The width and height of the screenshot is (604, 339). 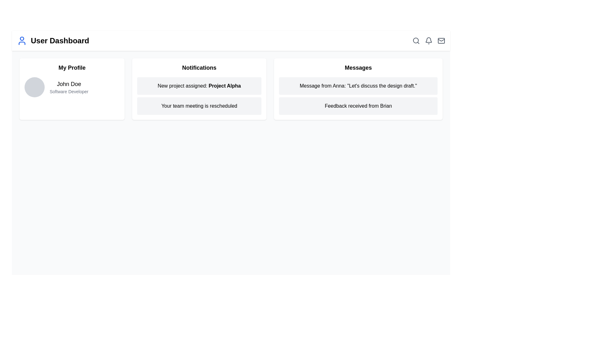 I want to click on the Notification box that informs the user about a rescheduled meeting, which is positioned below the 'New project assigned: Project Alpha' notification in the middle 'Notifications' section of the dashboard, so click(x=199, y=106).